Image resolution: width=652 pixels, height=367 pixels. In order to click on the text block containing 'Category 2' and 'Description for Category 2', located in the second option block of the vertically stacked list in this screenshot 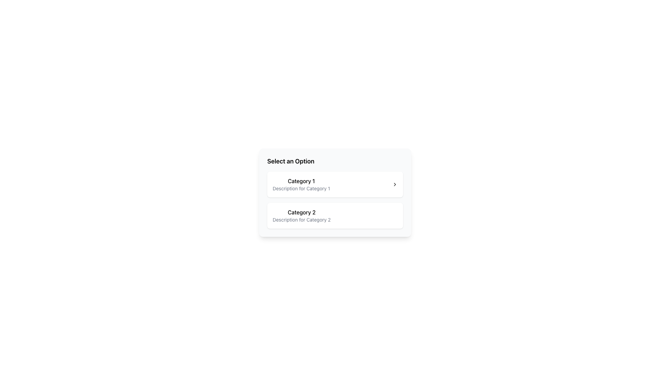, I will do `click(301, 216)`.